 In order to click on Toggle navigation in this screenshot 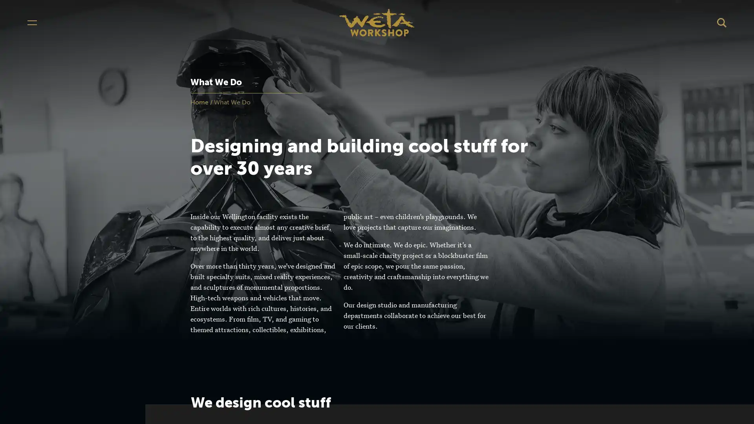, I will do `click(31, 22)`.